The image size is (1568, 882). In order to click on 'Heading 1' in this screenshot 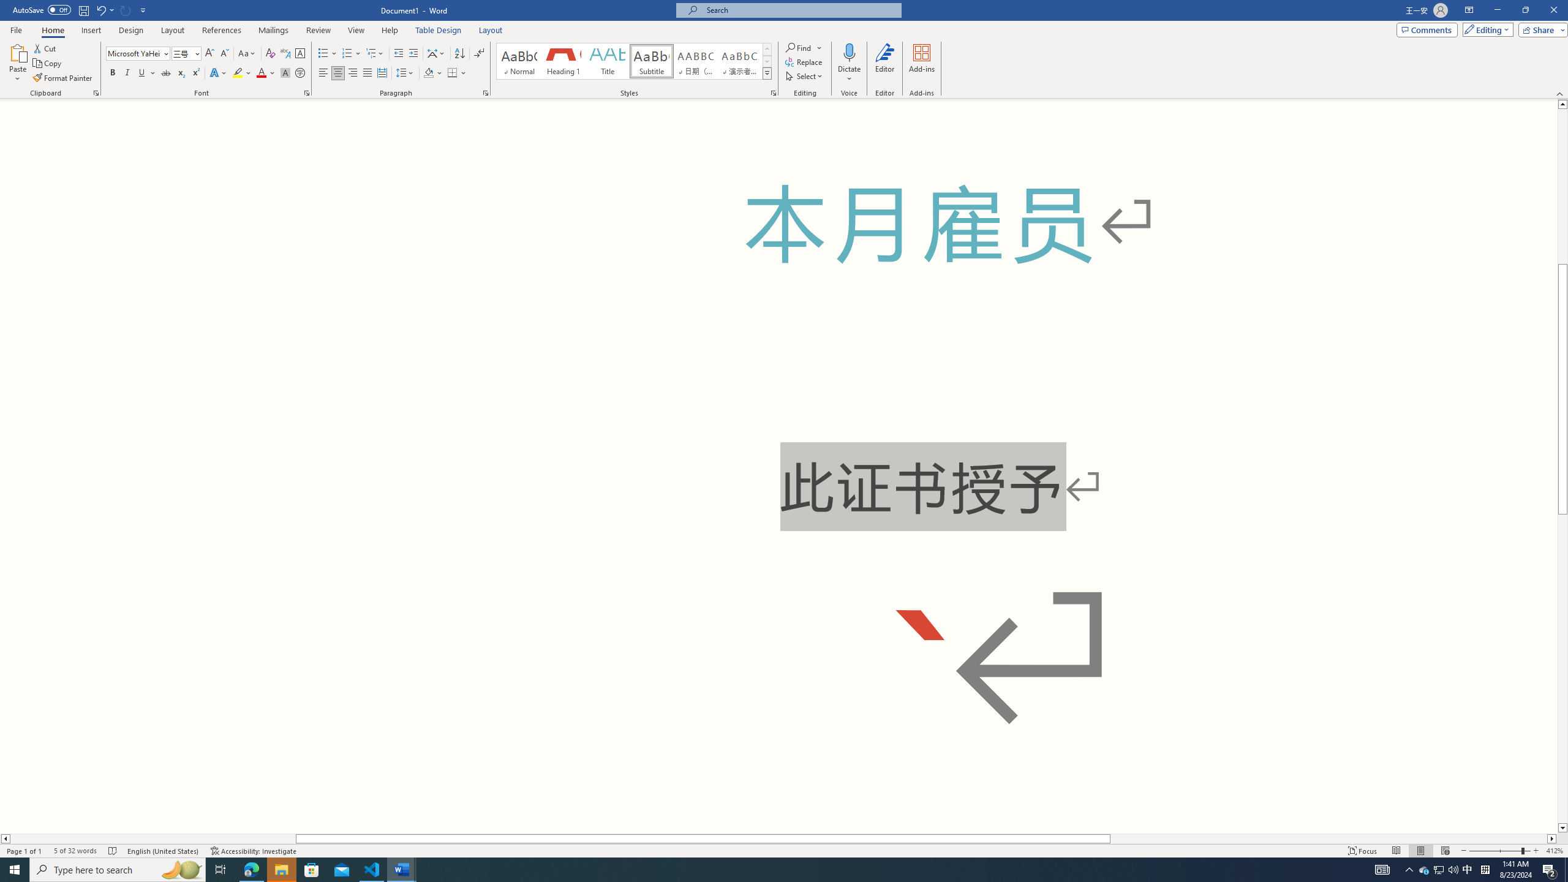, I will do `click(562, 61)`.